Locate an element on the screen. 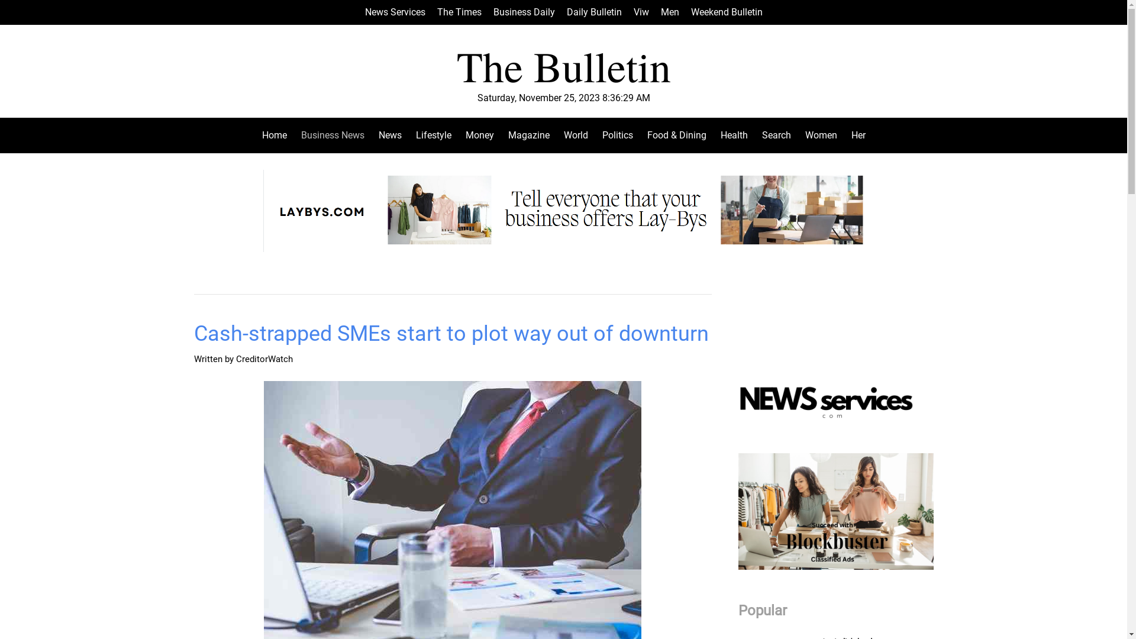 The width and height of the screenshot is (1136, 639). 'Business Daily' is located at coordinates (524, 12).